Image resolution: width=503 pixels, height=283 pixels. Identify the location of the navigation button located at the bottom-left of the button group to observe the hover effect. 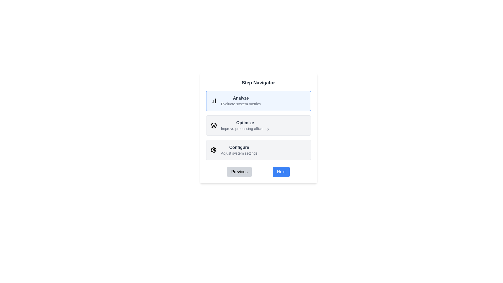
(239, 172).